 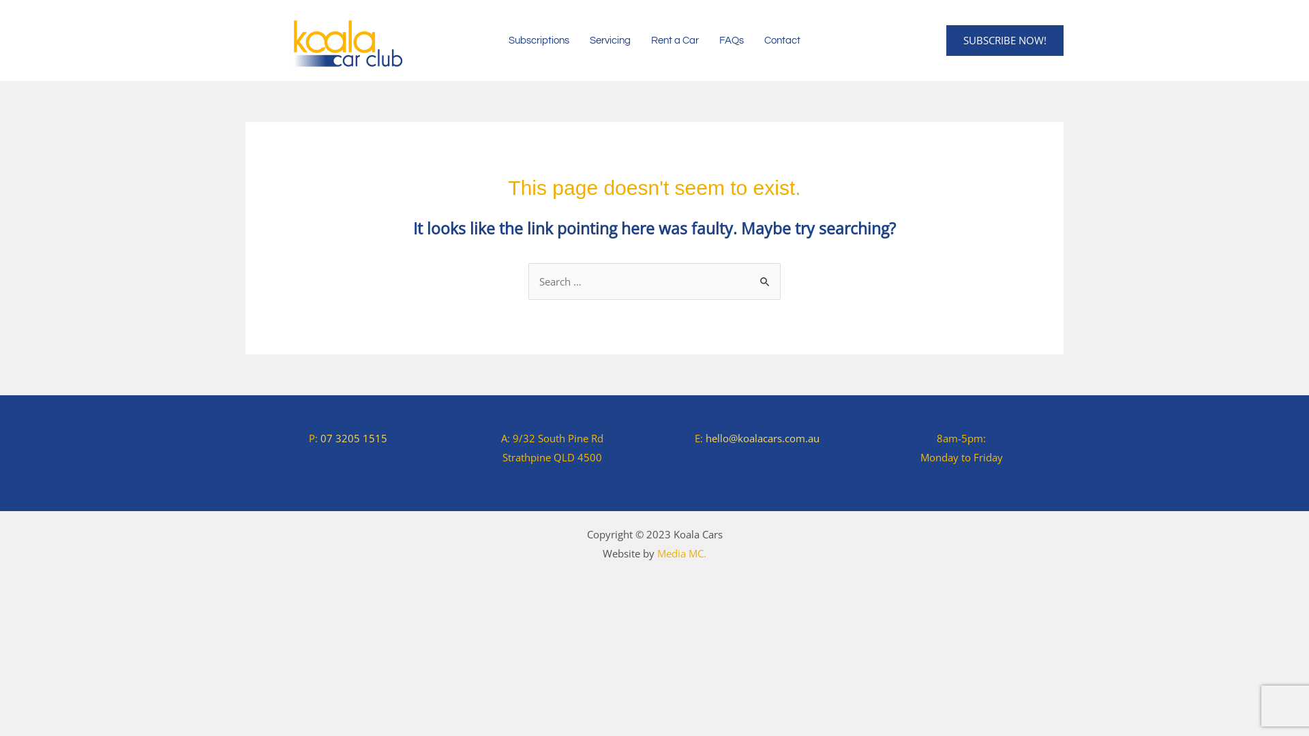 What do you see at coordinates (674, 39) in the screenshot?
I see `'Rent a Car'` at bounding box center [674, 39].